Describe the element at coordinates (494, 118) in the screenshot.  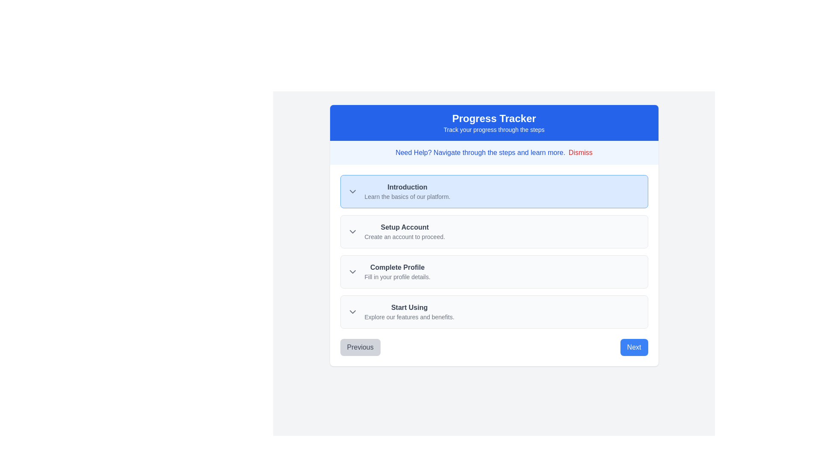
I see `the static text element that serves as the title of the interface section, located in the blue header block at the top, centered above the descriptive text 'Track your progress through the steps.'` at that location.